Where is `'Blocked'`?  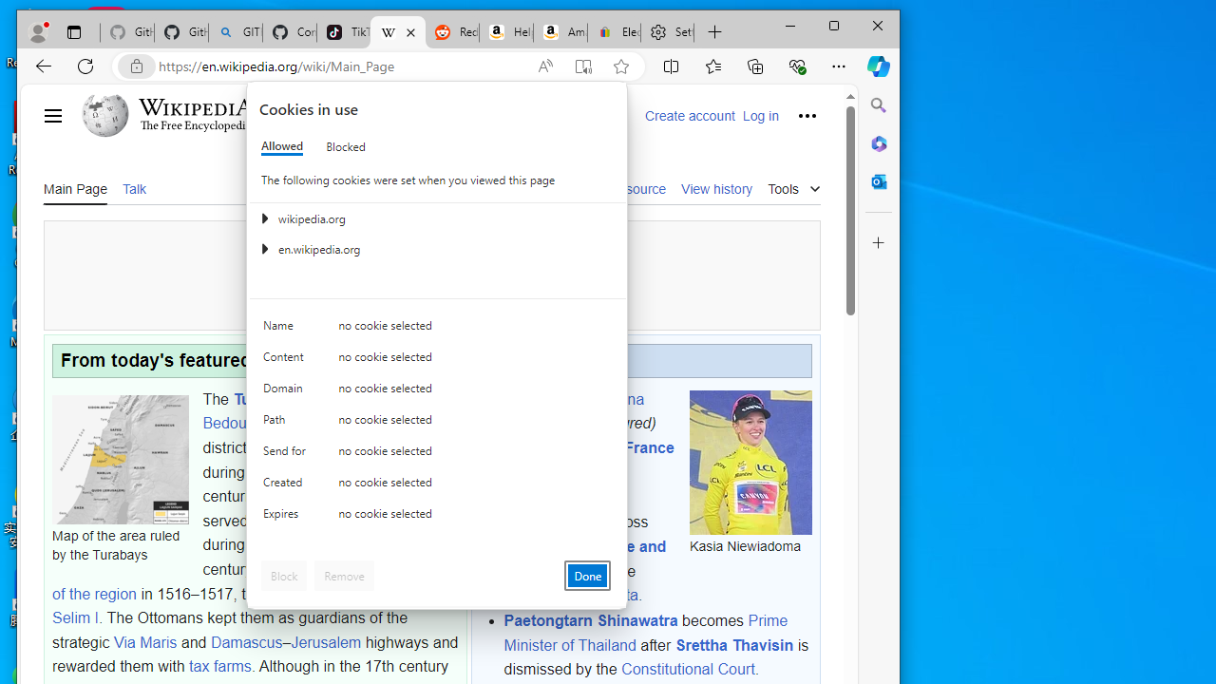
'Blocked' is located at coordinates (346, 145).